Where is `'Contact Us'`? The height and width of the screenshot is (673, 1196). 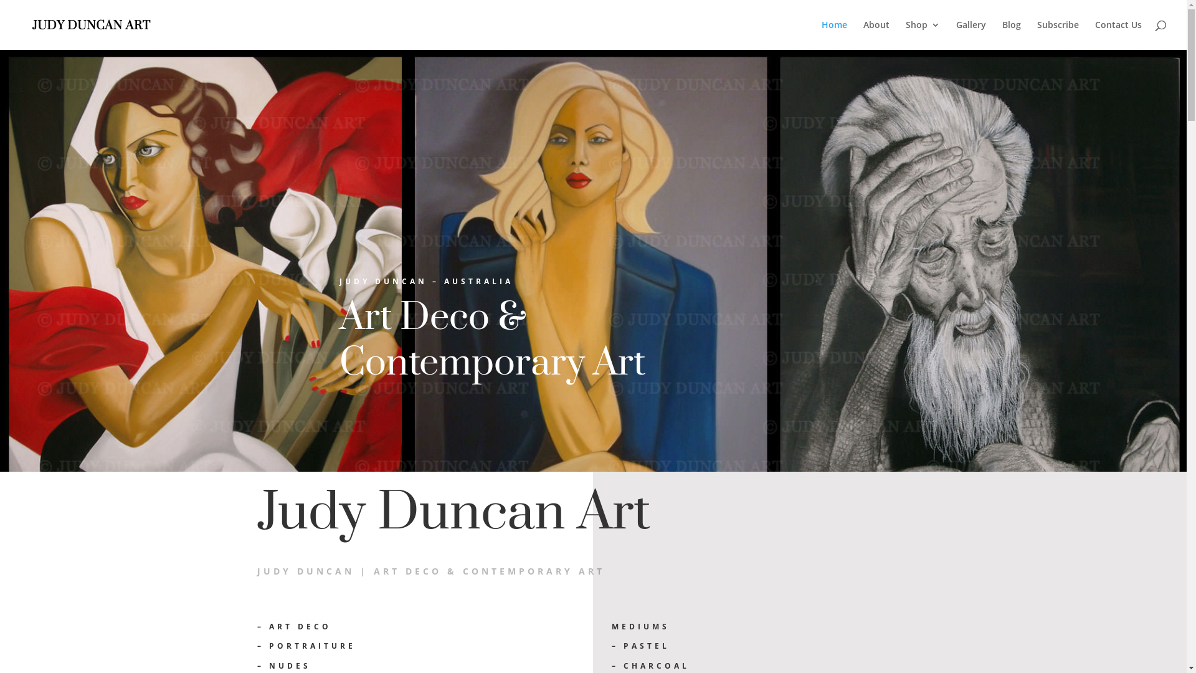
'Contact Us' is located at coordinates (1118, 34).